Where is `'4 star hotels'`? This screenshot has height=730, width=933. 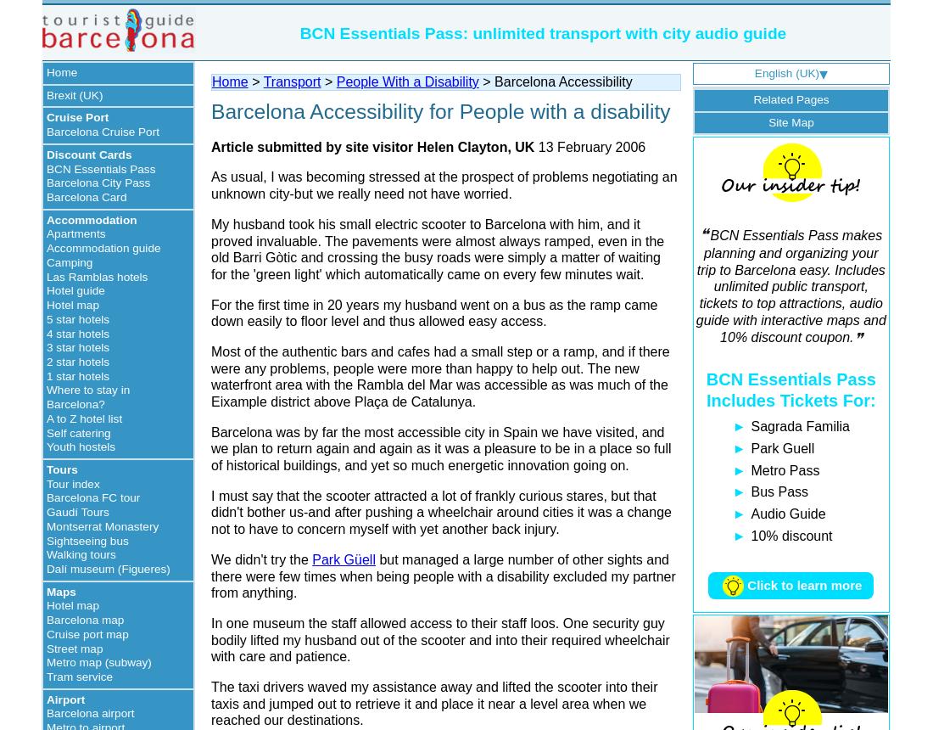 '4 star hotels' is located at coordinates (77, 332).